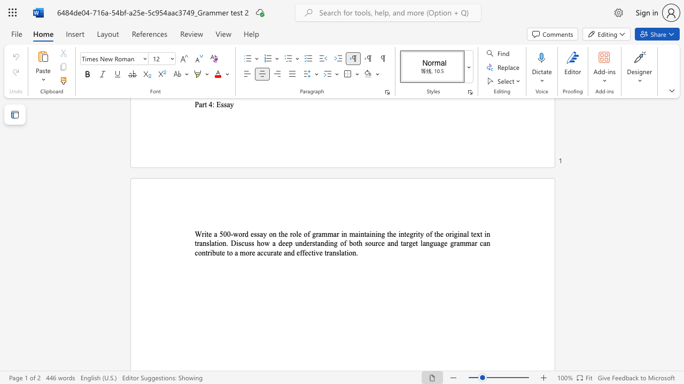 The width and height of the screenshot is (684, 384). What do you see at coordinates (346, 253) in the screenshot?
I see `the subset text "ion." within the text "and effective translation."` at bounding box center [346, 253].